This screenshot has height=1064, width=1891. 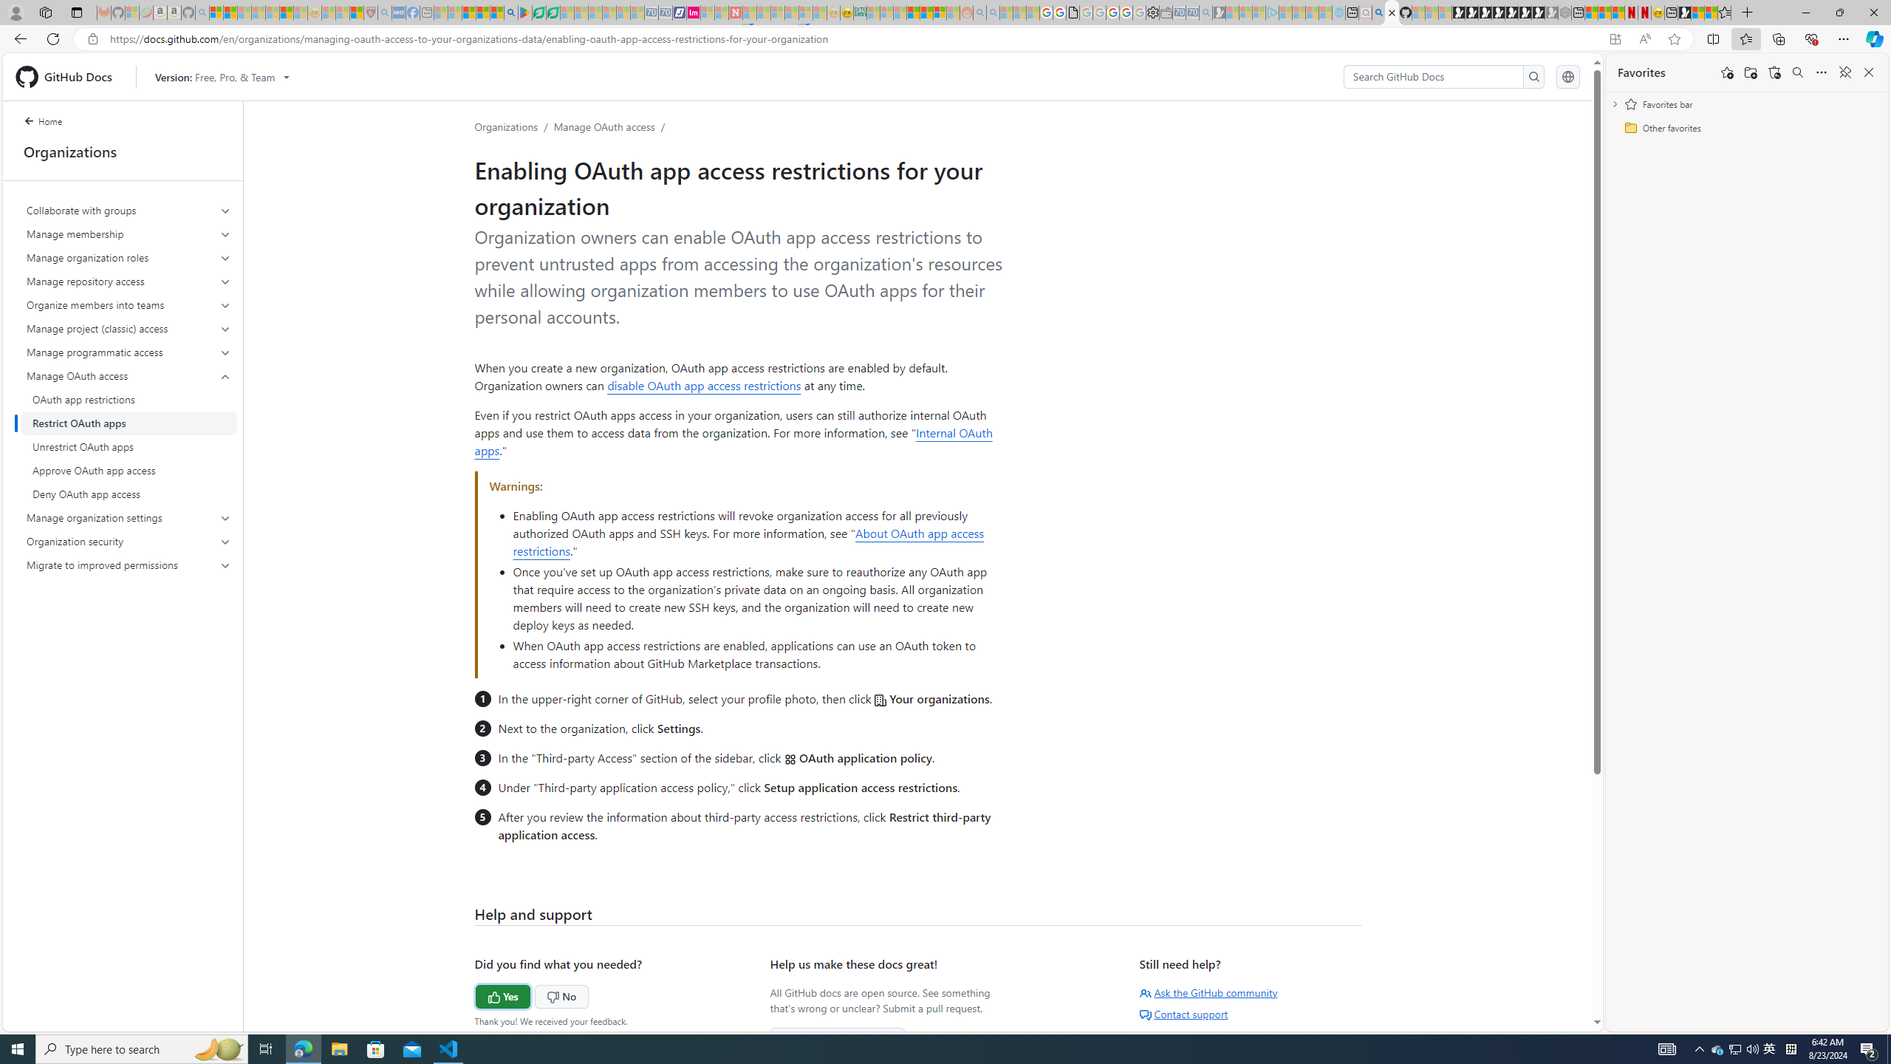 What do you see at coordinates (129, 210) in the screenshot?
I see `'Collaborate with groups'` at bounding box center [129, 210].